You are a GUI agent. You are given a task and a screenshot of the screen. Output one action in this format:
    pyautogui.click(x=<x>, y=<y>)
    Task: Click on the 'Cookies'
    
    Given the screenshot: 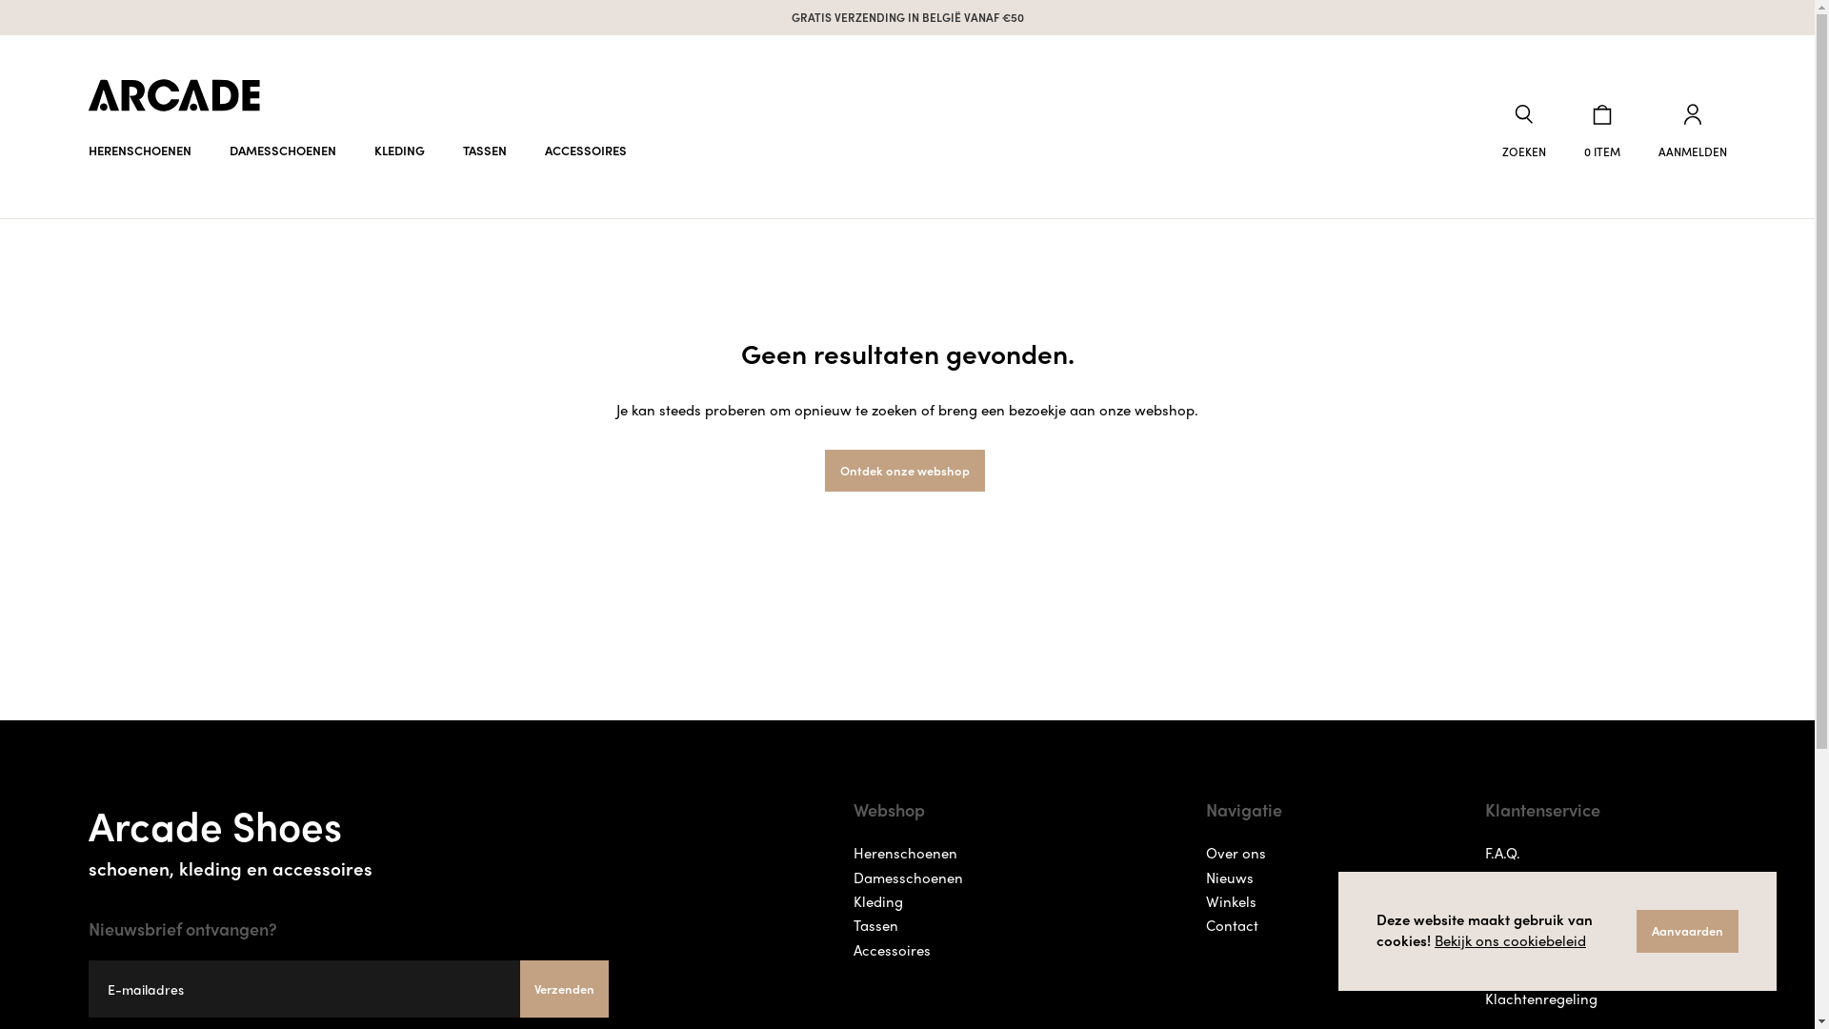 What is the action you would take?
    pyautogui.click(x=1509, y=924)
    